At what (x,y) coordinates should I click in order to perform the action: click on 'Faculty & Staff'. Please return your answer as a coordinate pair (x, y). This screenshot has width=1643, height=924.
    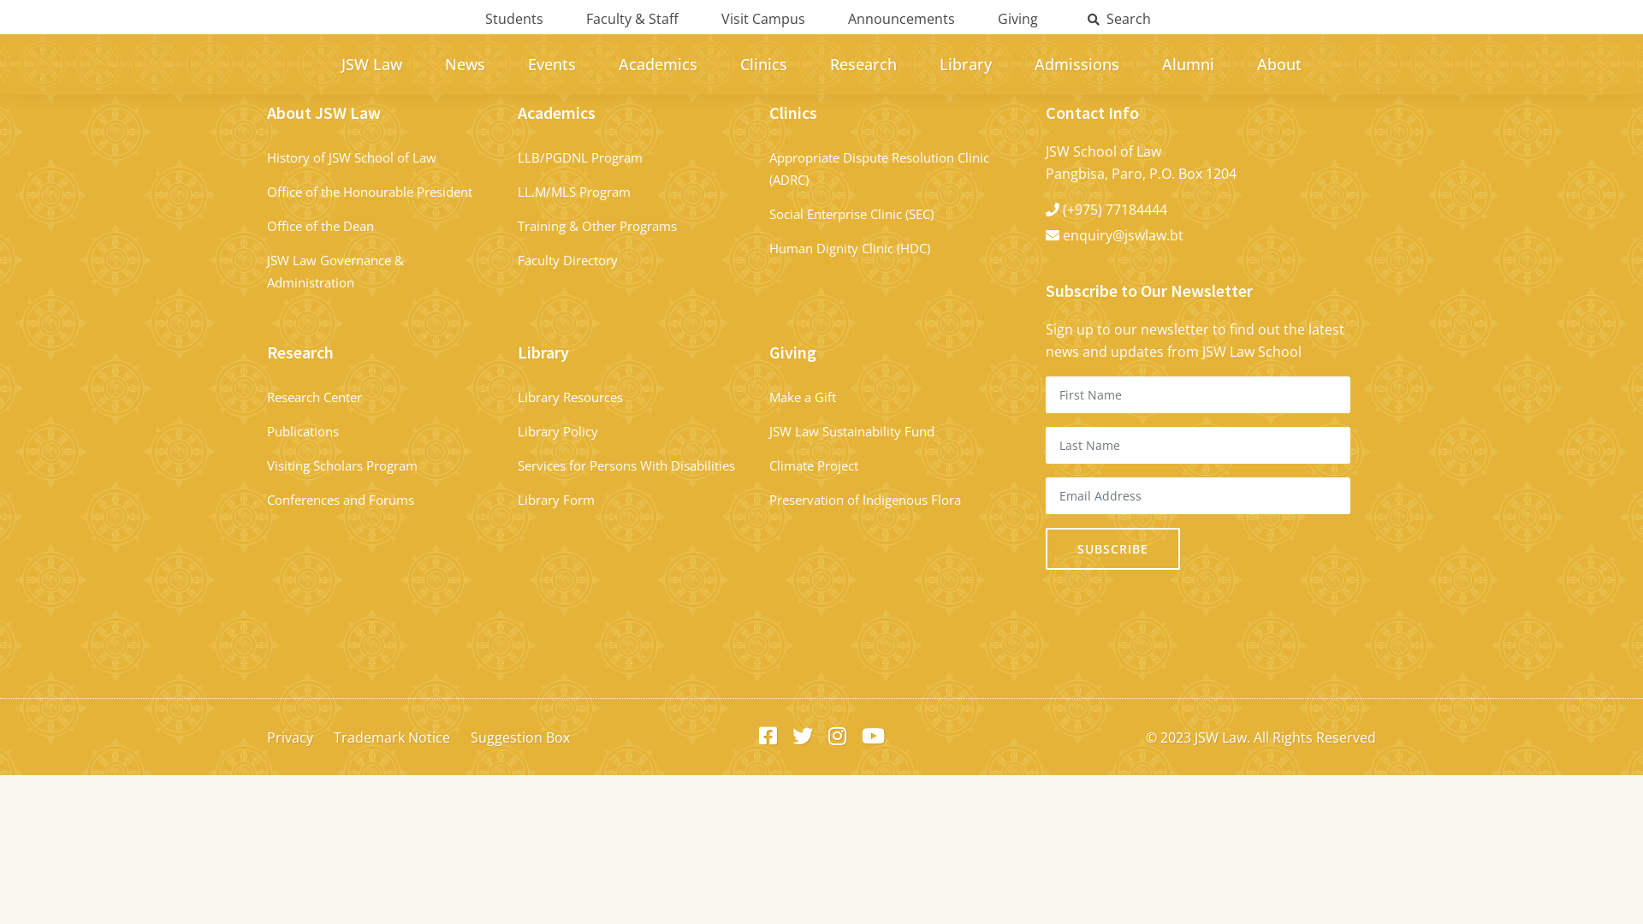
    Looking at the image, I should click on (632, 19).